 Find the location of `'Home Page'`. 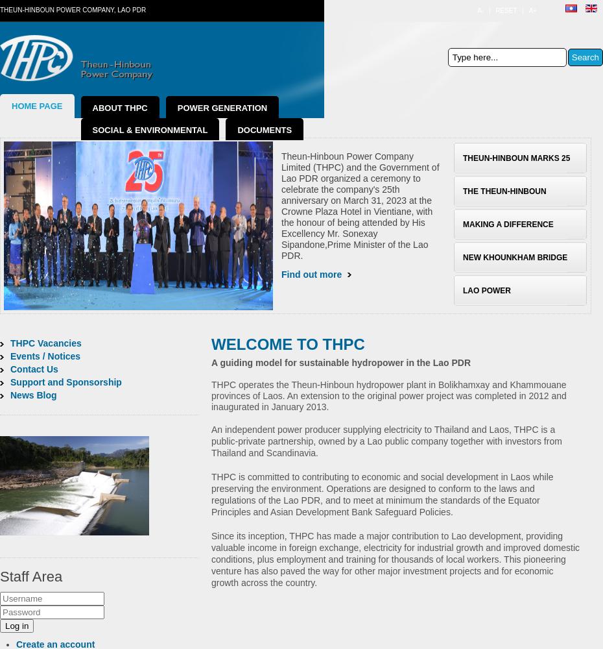

'Home Page' is located at coordinates (36, 106).